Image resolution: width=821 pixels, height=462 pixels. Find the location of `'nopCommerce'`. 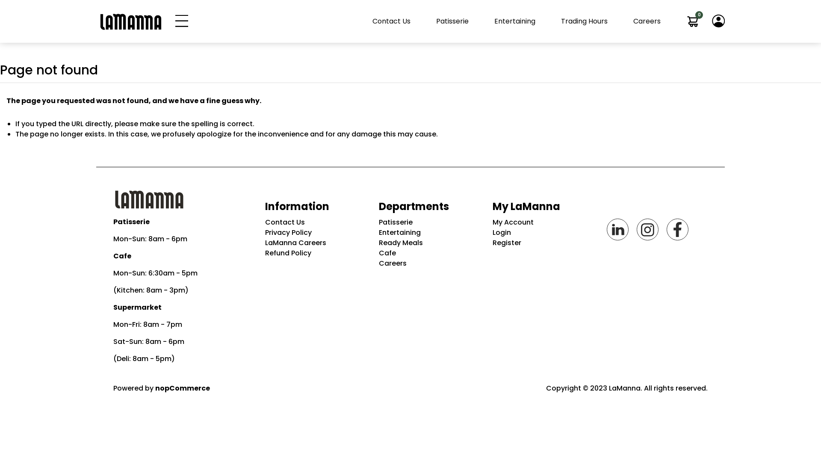

'nopCommerce' is located at coordinates (182, 388).